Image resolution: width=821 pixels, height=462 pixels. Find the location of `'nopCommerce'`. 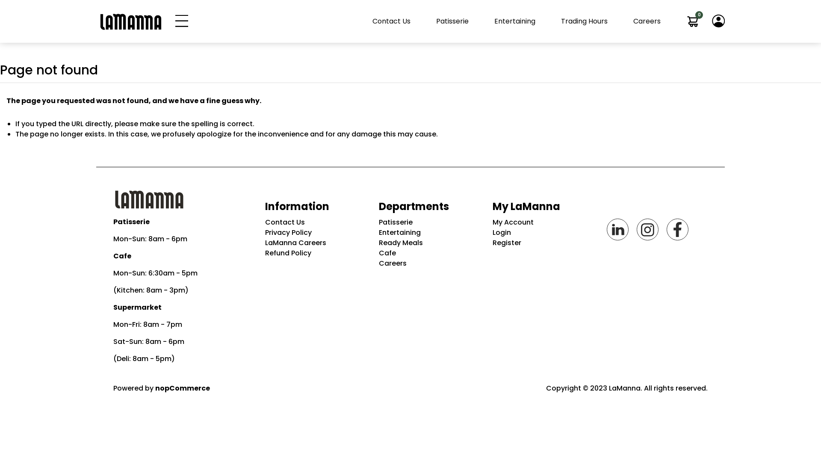

'nopCommerce' is located at coordinates (182, 388).